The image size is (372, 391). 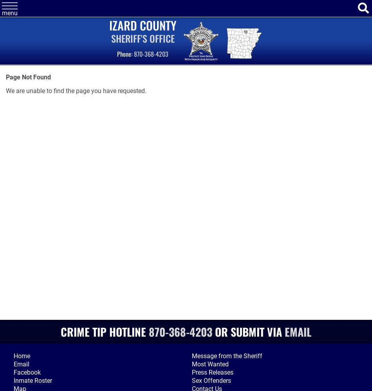 What do you see at coordinates (125, 54) in the screenshot?
I see `'Phone:'` at bounding box center [125, 54].